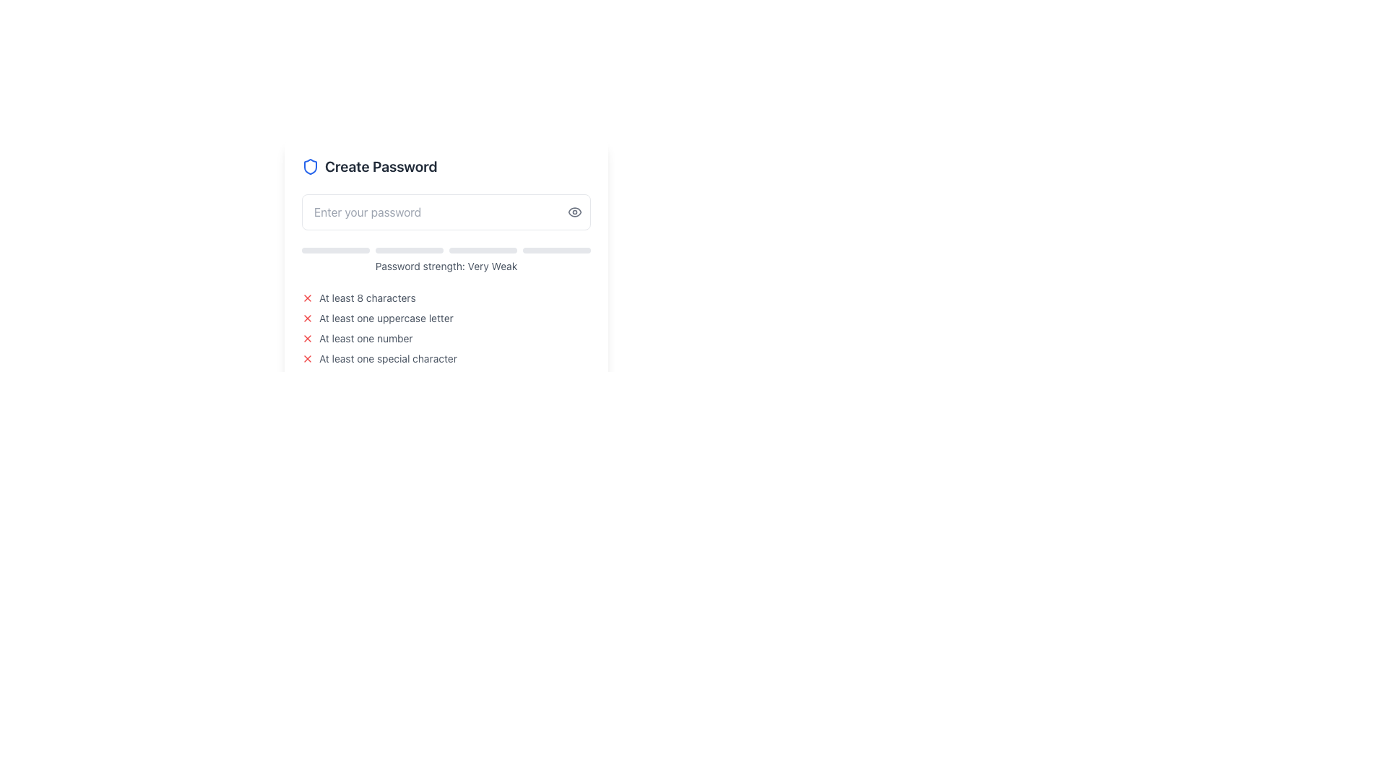  Describe the element at coordinates (446, 297) in the screenshot. I see `text 'At least 8 characters' displayed next to the red 'X' icon indicating a password requirement that is not currently met` at that location.